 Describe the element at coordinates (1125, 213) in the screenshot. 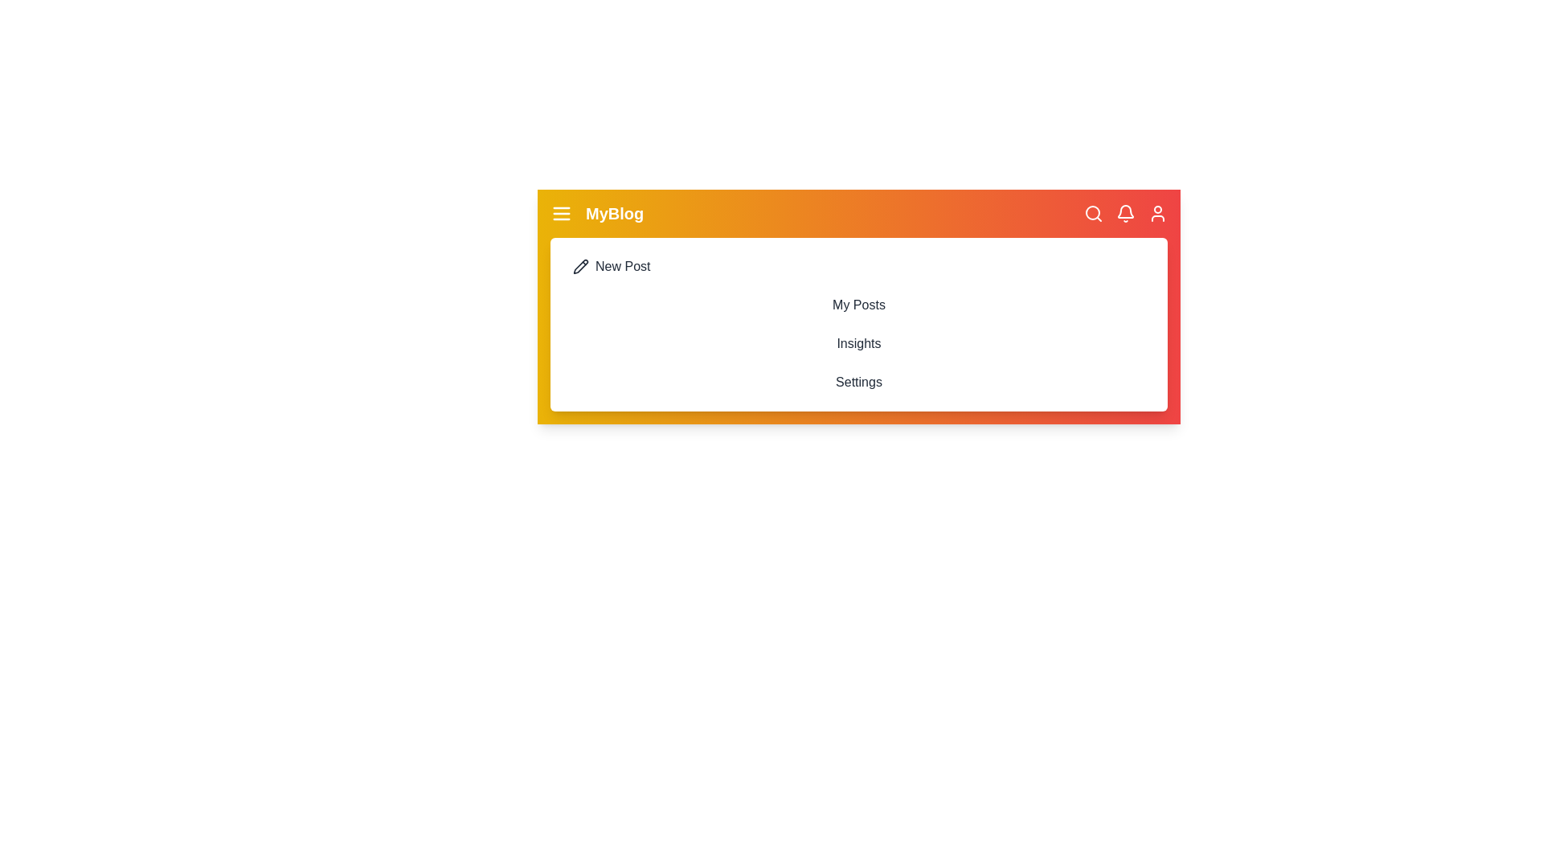

I see `the notification bell icon` at that location.